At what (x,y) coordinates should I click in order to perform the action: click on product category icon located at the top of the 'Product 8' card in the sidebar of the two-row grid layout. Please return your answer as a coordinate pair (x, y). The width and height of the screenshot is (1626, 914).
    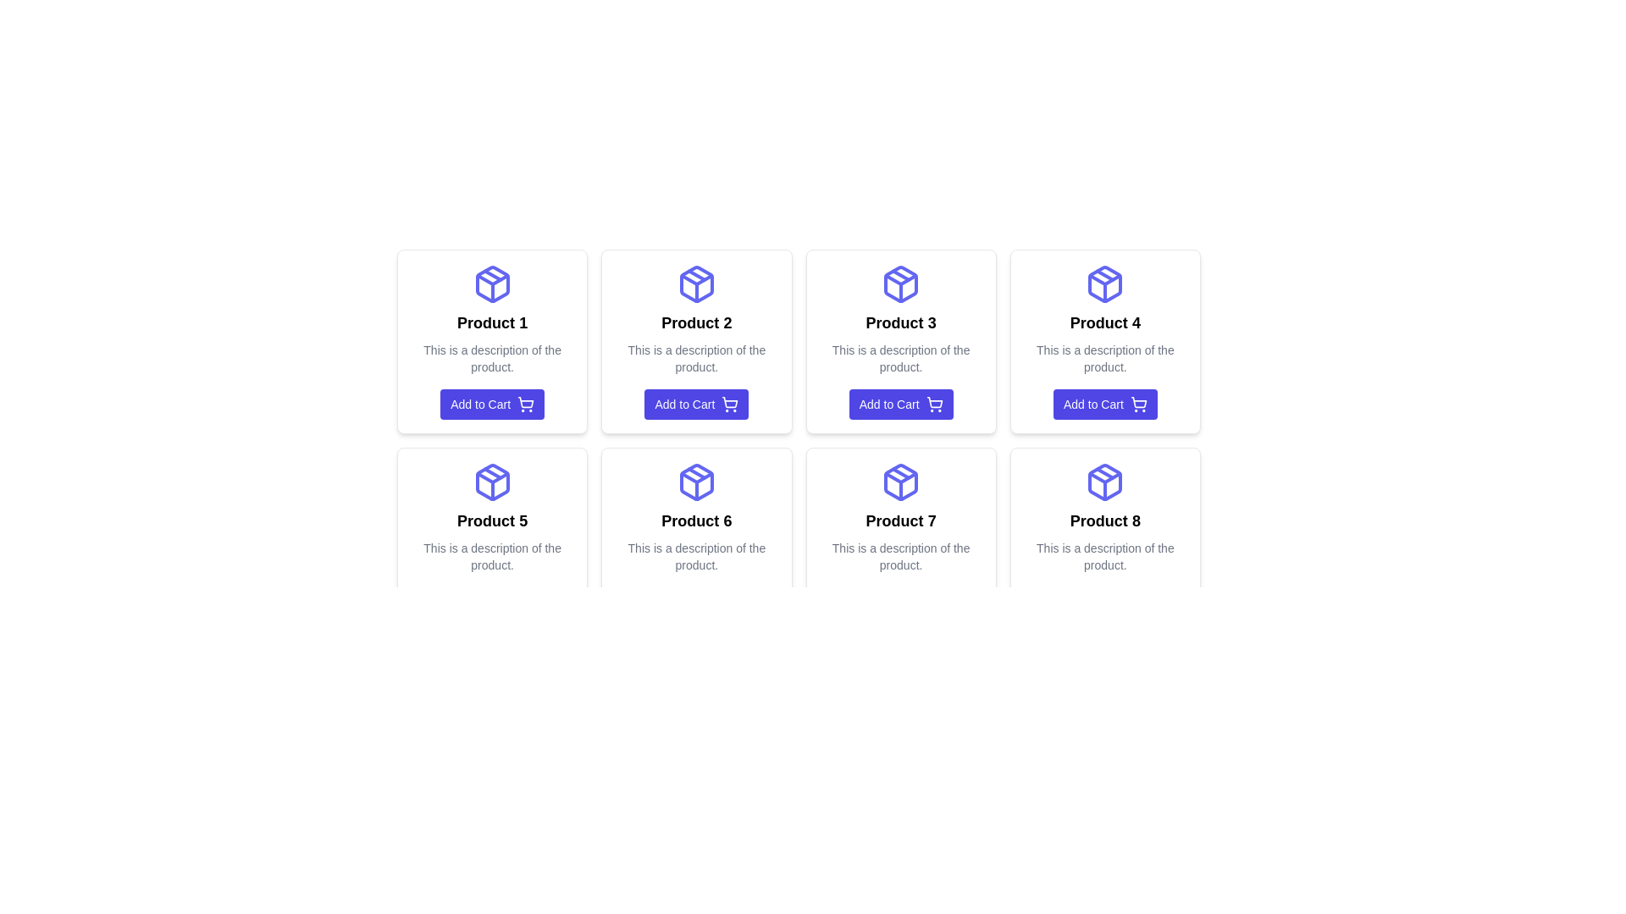
    Looking at the image, I should click on (1105, 482).